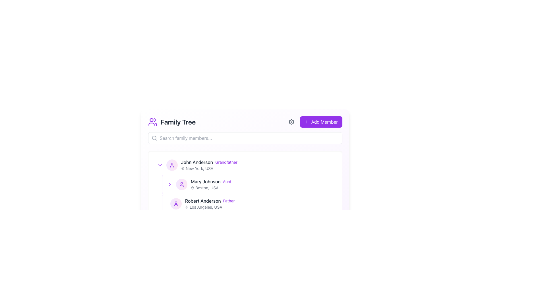  I want to click on the location pin icon representing geographical information for 'Mary Johnson', located to the left of 'Boston, USA', so click(192, 188).